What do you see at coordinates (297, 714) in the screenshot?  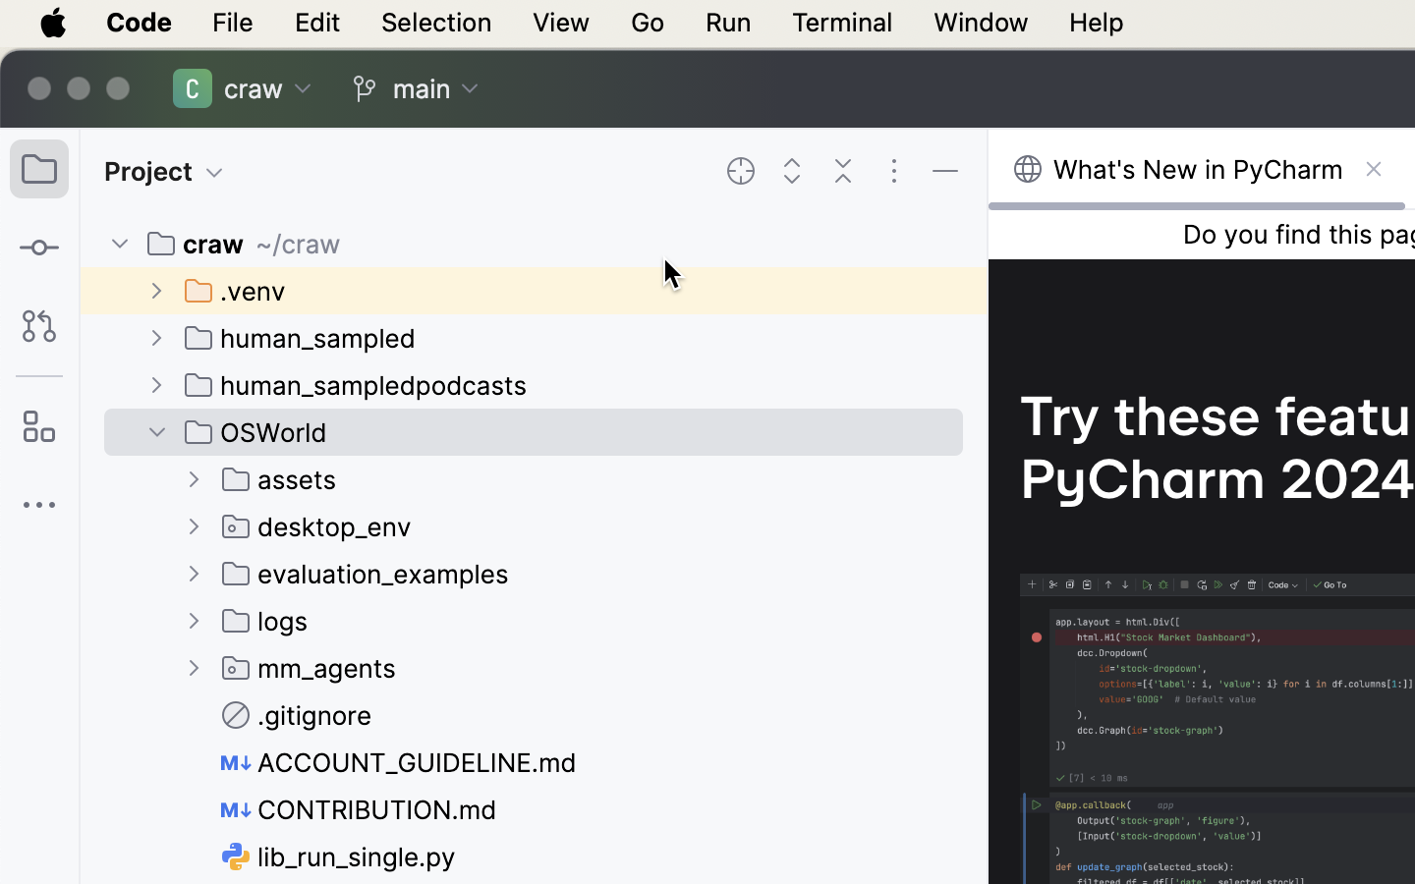 I see `'.gitignore'` at bounding box center [297, 714].